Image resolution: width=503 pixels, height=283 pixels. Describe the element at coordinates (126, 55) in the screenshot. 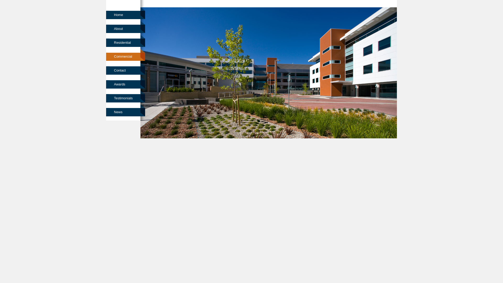

I see `'Commercial'` at that location.